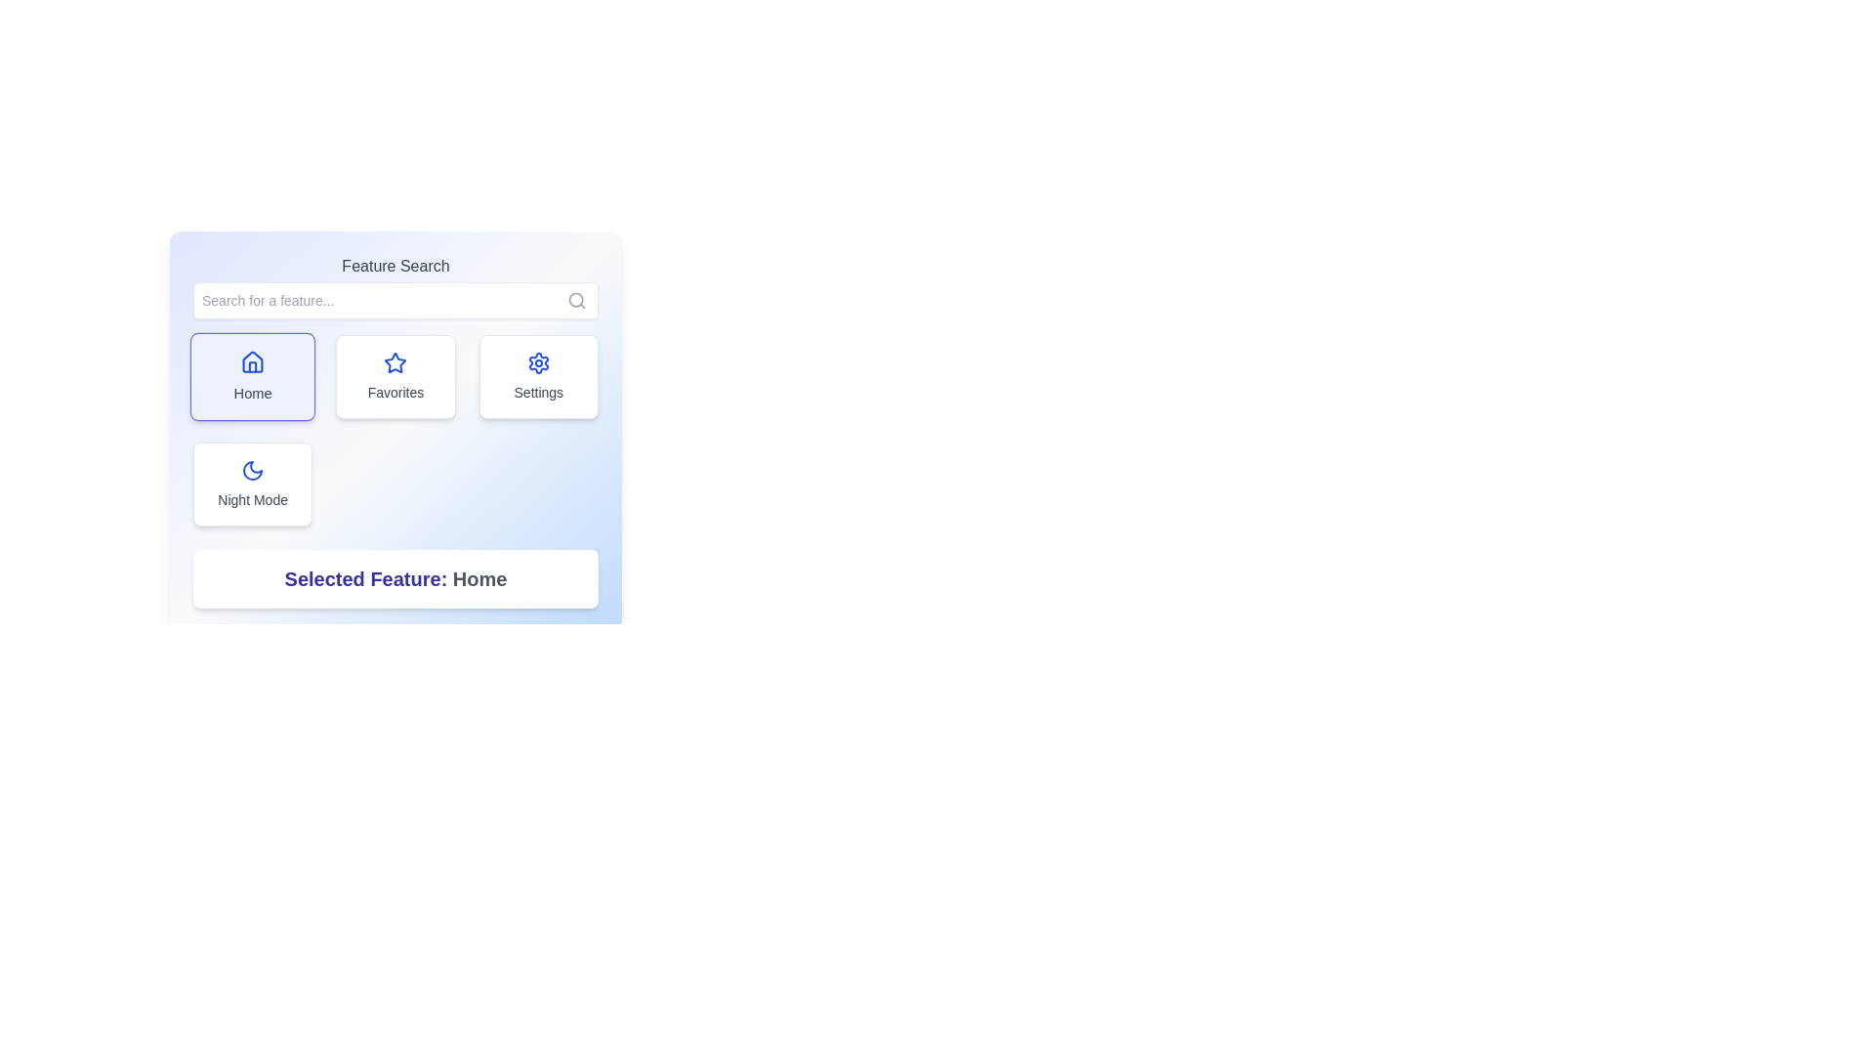 The image size is (1875, 1055). I want to click on the crescent moon icon outlined in blue, located at the top-left corner of the 'Night Mode' card, so click(252, 471).